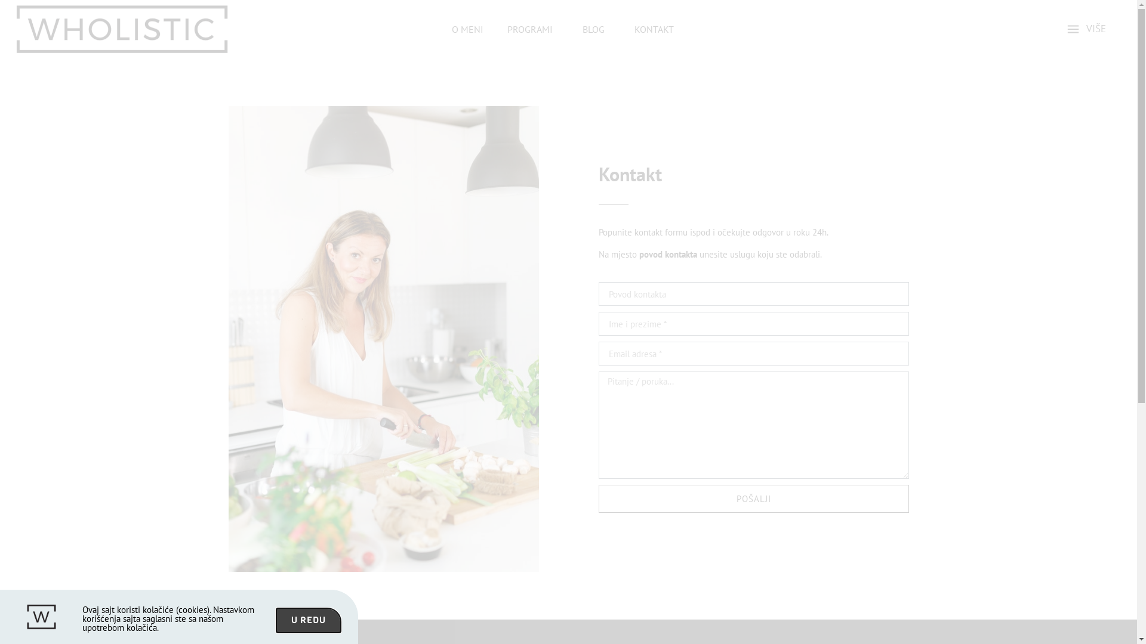  What do you see at coordinates (466, 29) in the screenshot?
I see `'O MENI'` at bounding box center [466, 29].